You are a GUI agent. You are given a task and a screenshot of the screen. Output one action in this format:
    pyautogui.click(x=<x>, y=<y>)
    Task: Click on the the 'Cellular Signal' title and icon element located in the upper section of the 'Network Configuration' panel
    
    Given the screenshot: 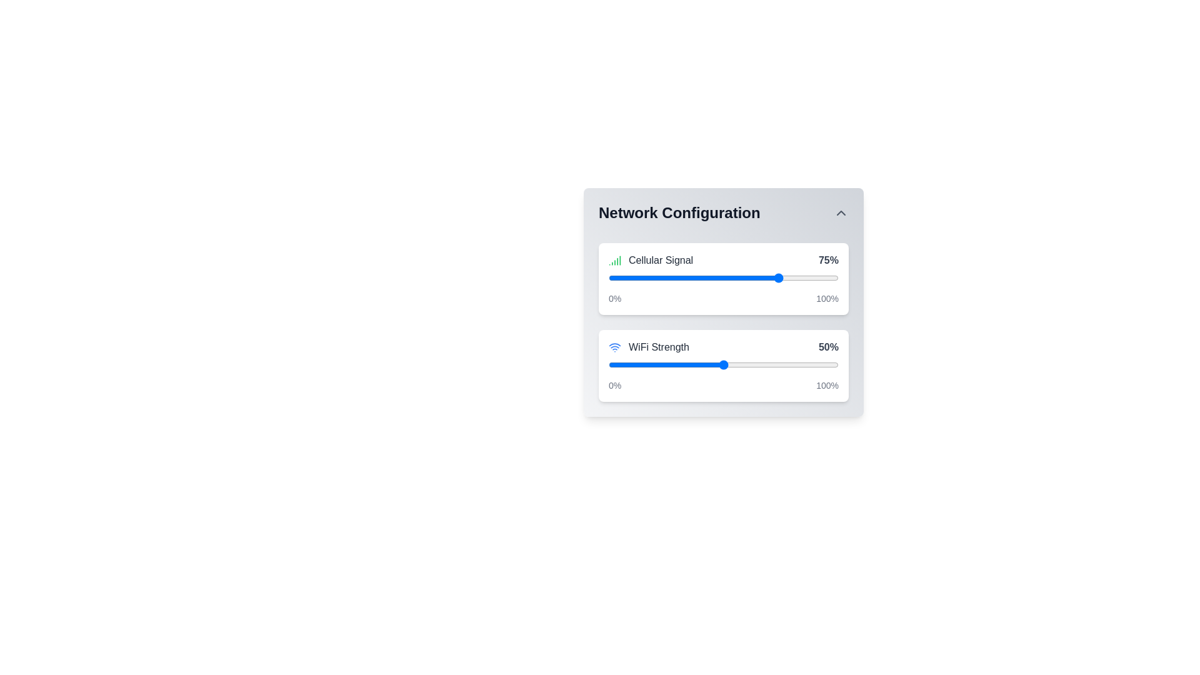 What is the action you would take?
    pyautogui.click(x=650, y=259)
    